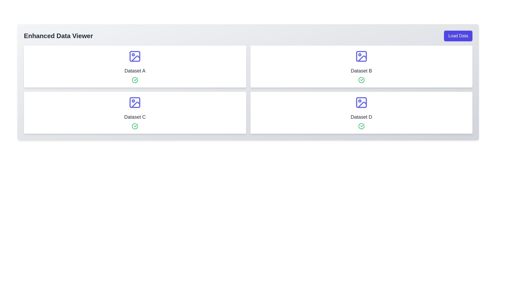  I want to click on the green circular Status icon with a check mark inside, located on the 'Dataset D' card in the bottom-right corner of the grid, so click(361, 126).